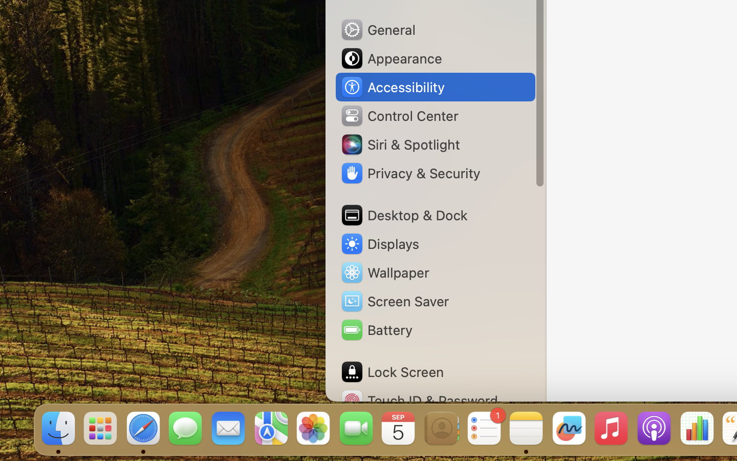  Describe the element at coordinates (419, 400) in the screenshot. I see `'Touch ID & Password'` at that location.